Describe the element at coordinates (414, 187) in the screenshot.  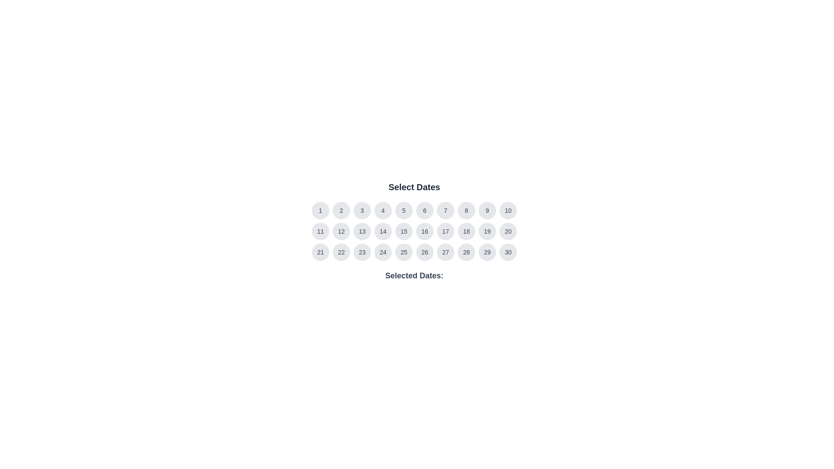
I see `text label displaying 'Select Dates' in bold, extra-large, gray font located at the top of the calendar interface` at that location.